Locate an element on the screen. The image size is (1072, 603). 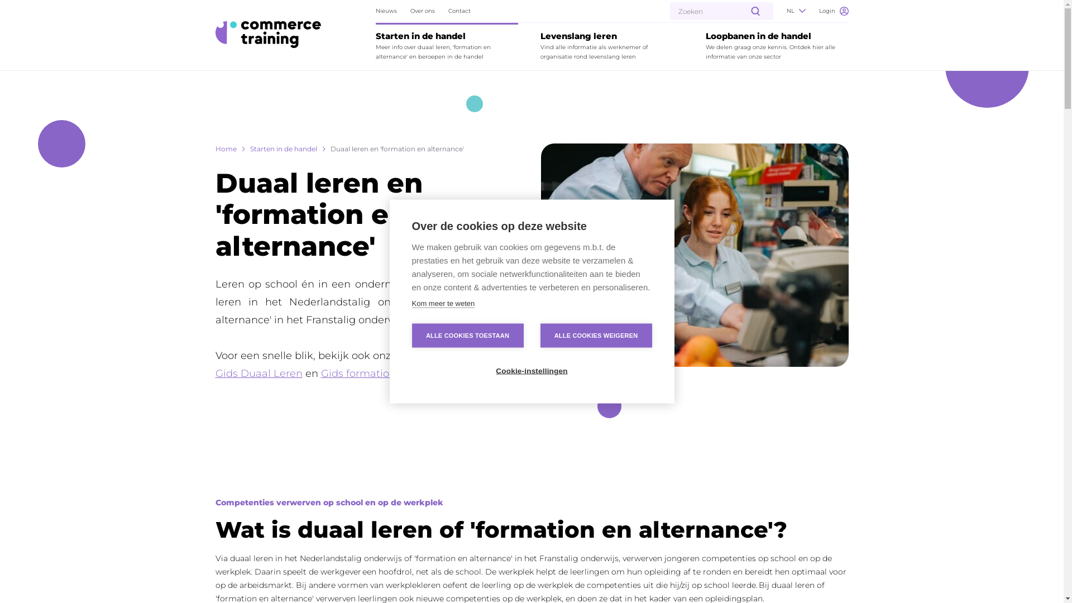
'Skip to main content' is located at coordinates (12, 6).